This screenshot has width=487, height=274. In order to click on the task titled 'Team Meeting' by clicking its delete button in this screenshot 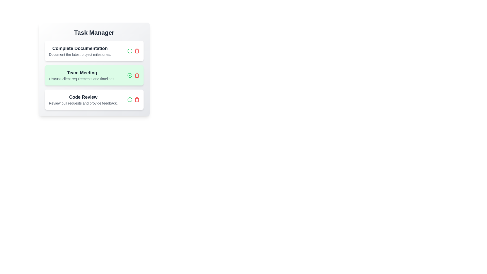, I will do `click(137, 75)`.